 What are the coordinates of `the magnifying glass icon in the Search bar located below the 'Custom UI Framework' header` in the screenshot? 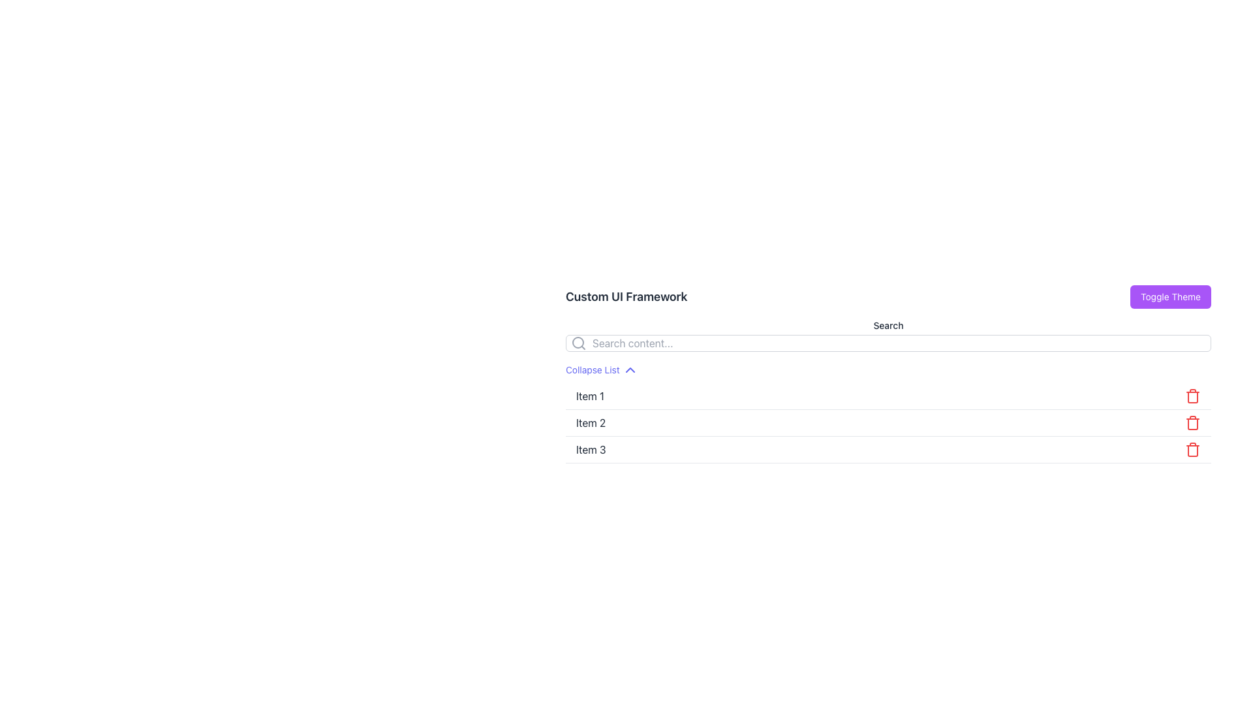 It's located at (888, 334).